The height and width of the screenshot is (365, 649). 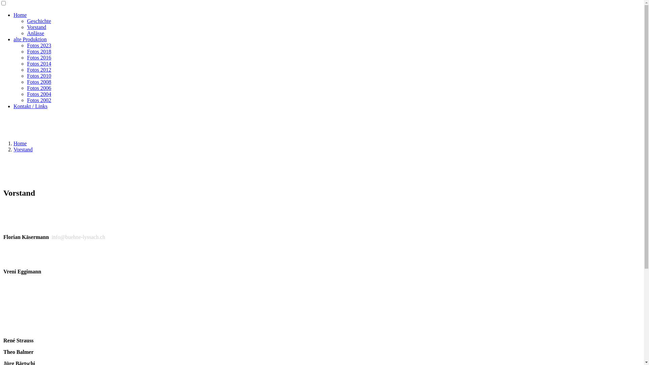 I want to click on 'Home', so click(x=20, y=143).